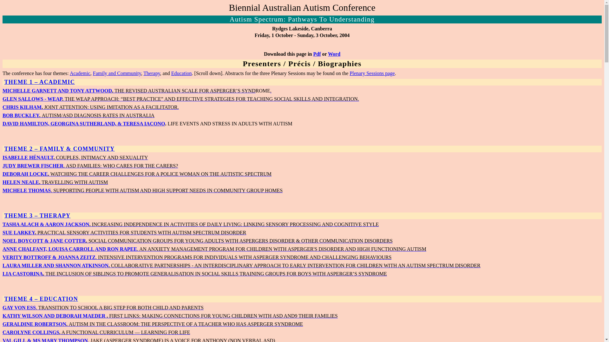 The width and height of the screenshot is (609, 342). I want to click on 'Plenary Sessions page', so click(372, 73).